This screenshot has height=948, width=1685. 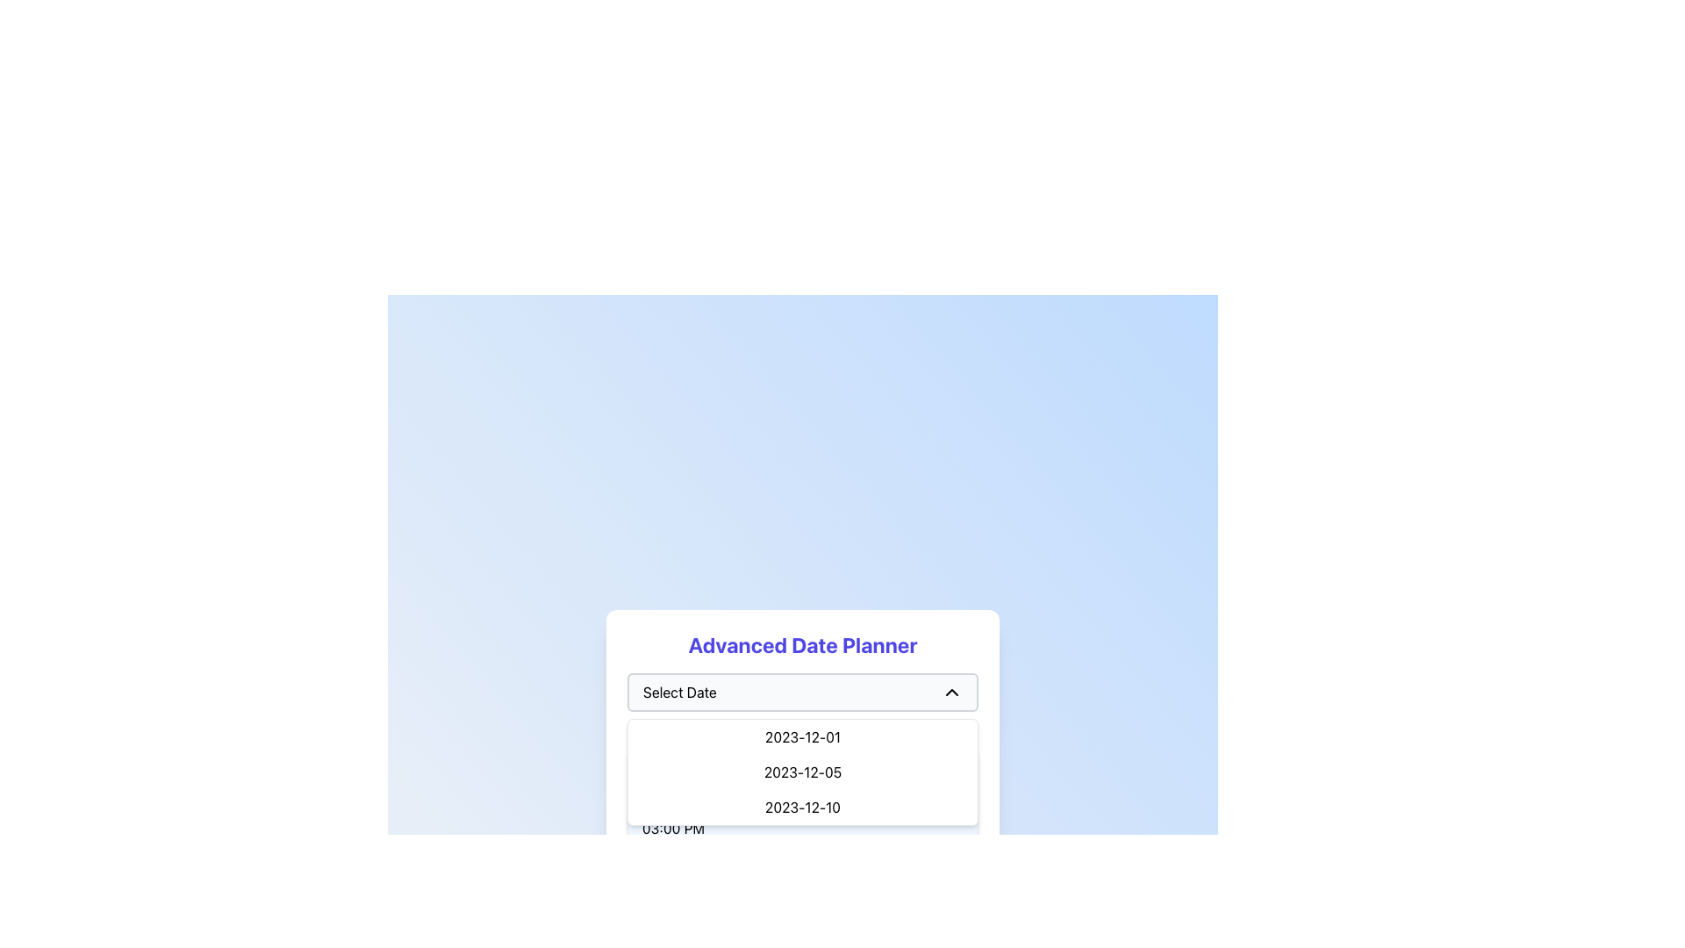 What do you see at coordinates (802, 737) in the screenshot?
I see `the dropdown menu item displaying the date '2023-12-01'` at bounding box center [802, 737].